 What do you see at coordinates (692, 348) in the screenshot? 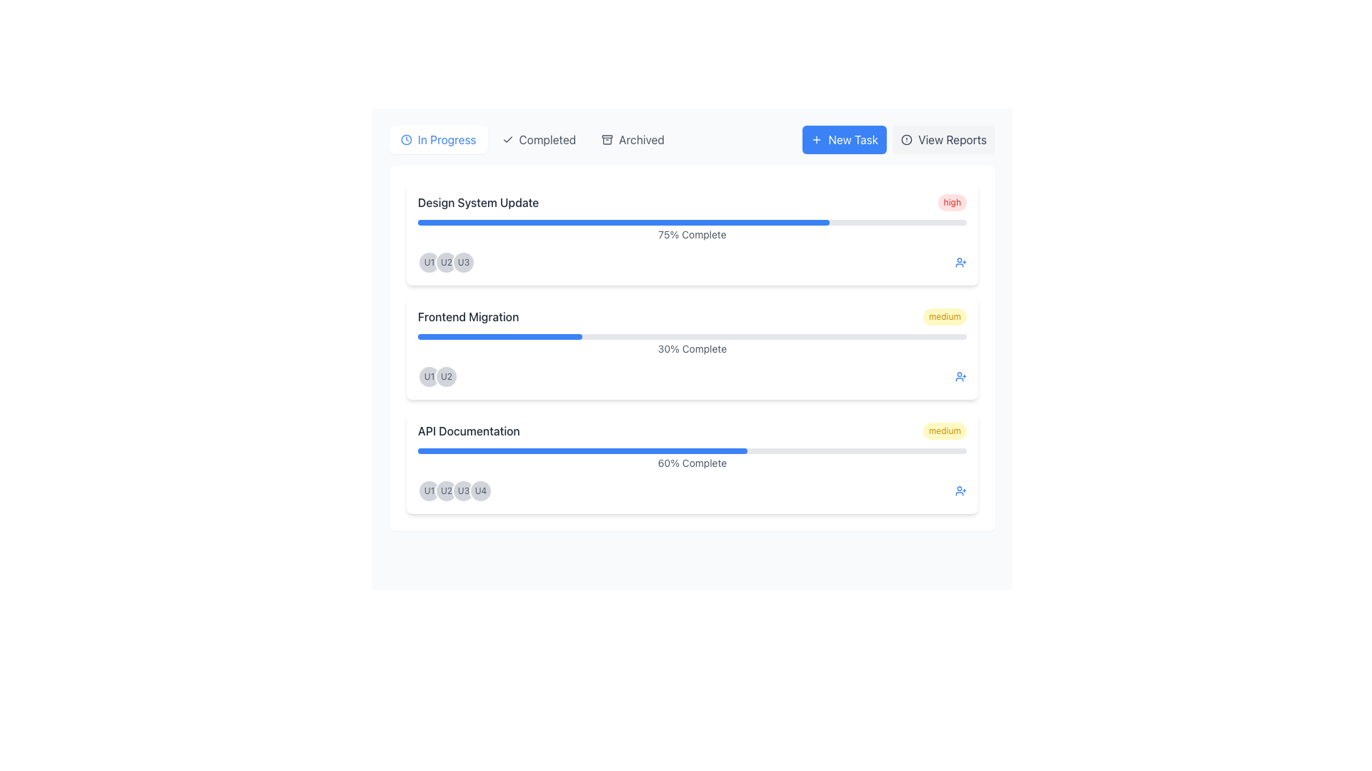
I see `the informational card that displays structured information about tasks and their statuses, located in the middle of a vertical layout of similar cards` at bounding box center [692, 348].